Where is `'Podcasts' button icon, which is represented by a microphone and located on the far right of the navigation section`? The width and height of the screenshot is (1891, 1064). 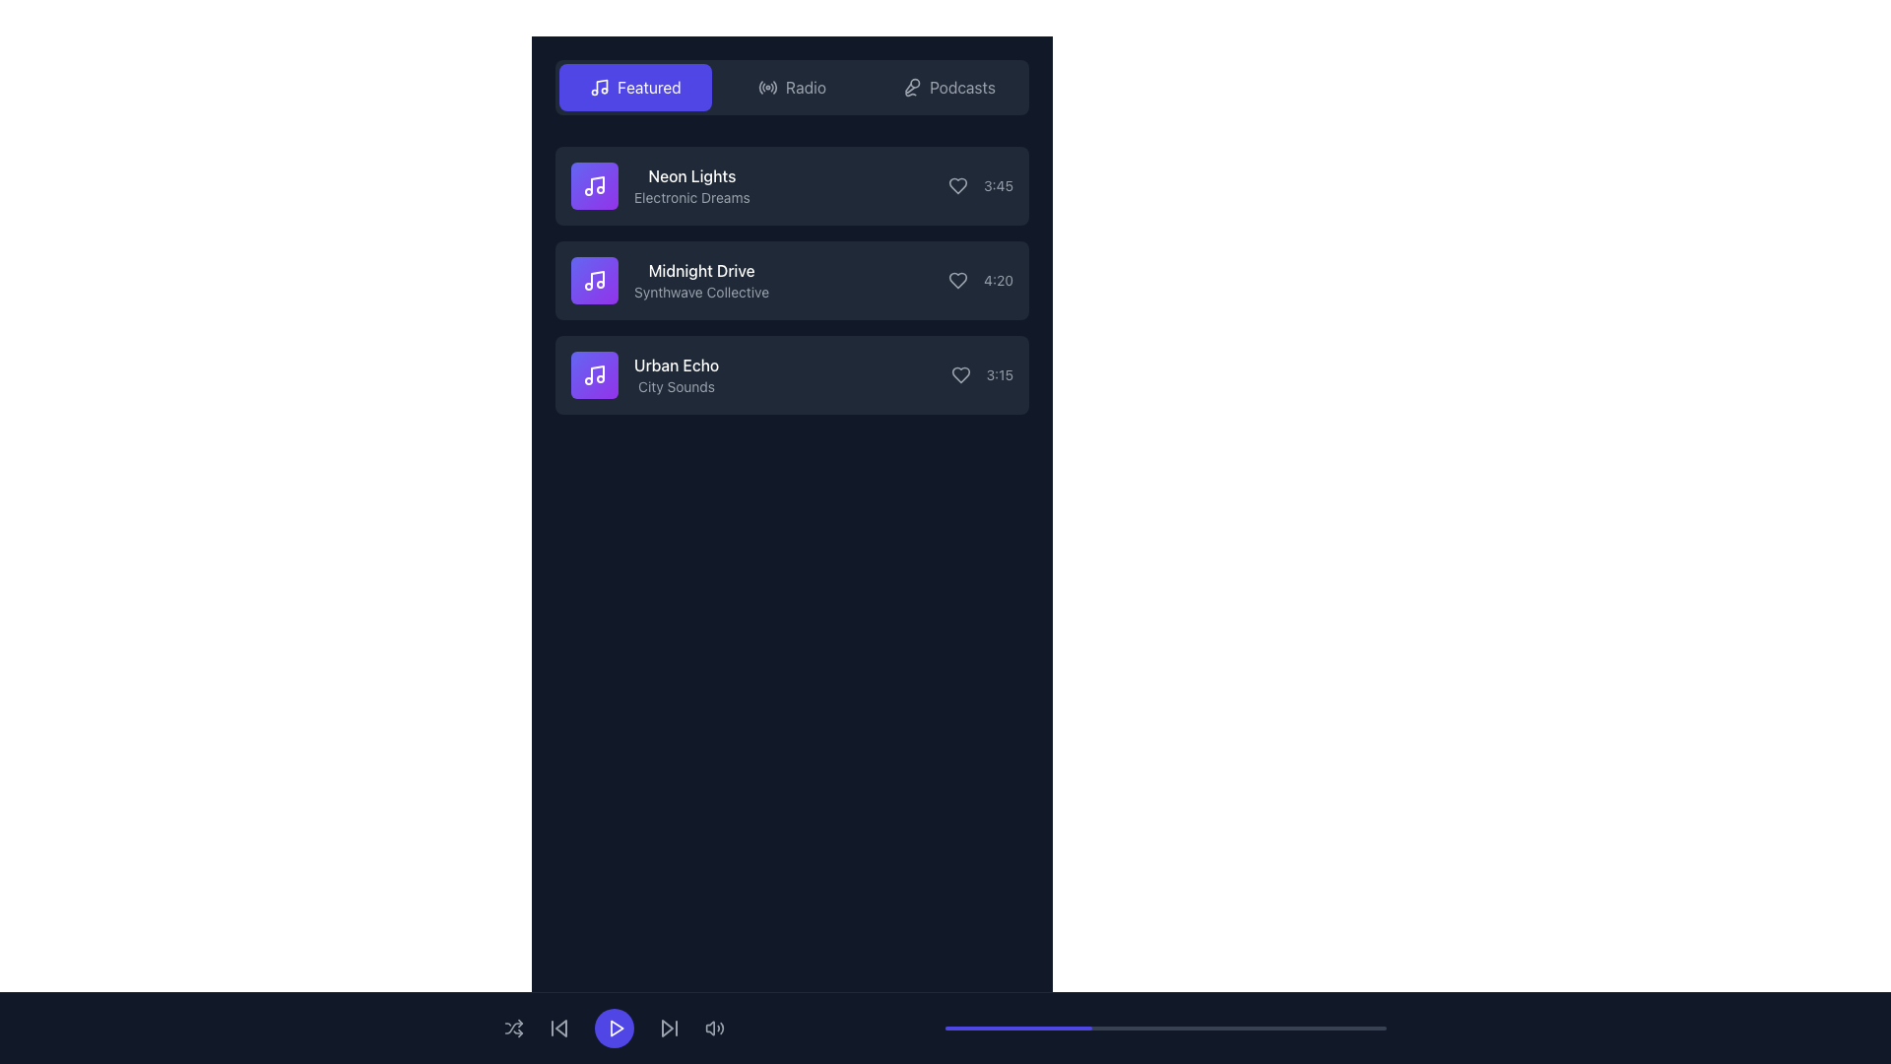 'Podcasts' button icon, which is represented by a microphone and located on the far right of the navigation section is located at coordinates (911, 86).